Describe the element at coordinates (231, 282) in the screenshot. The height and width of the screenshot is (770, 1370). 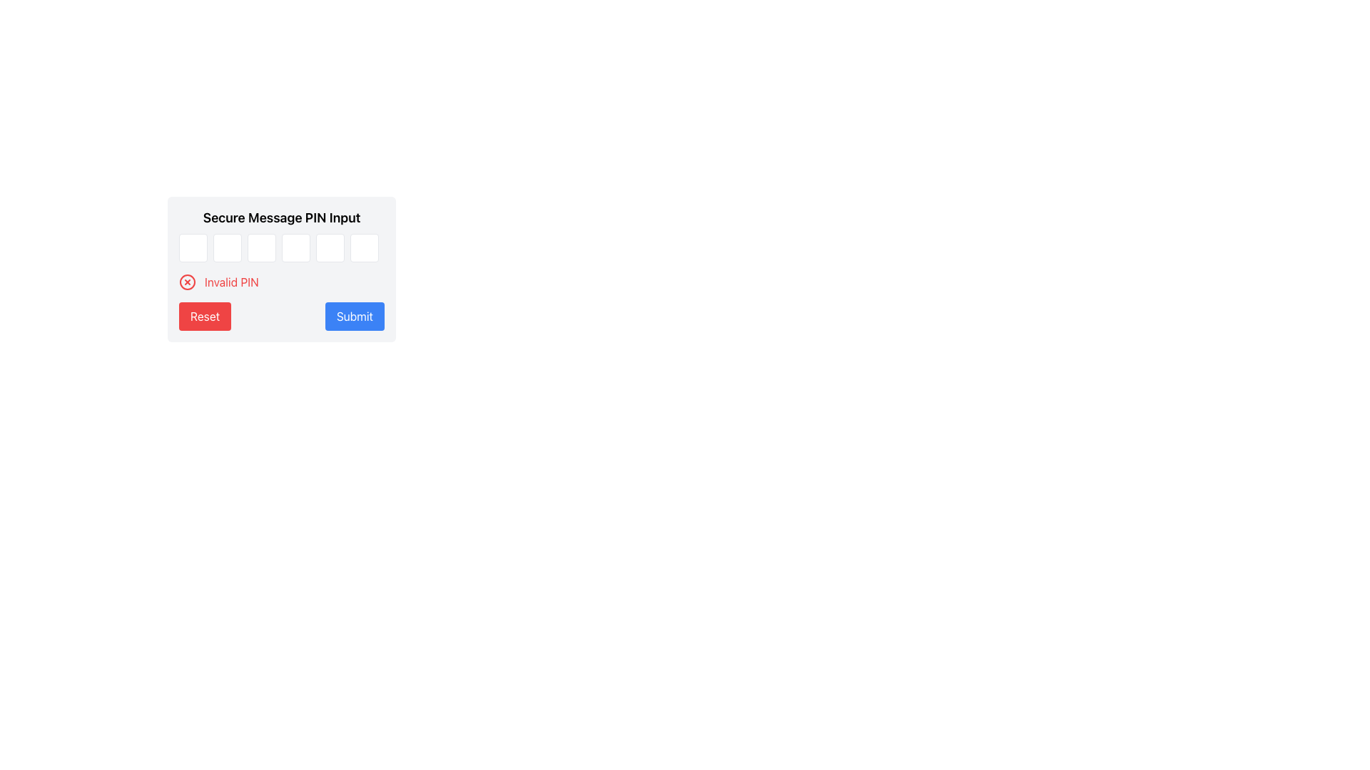
I see `the error label displaying 'Invalid PIN' in red color and bold font, located below the PIN input fields` at that location.